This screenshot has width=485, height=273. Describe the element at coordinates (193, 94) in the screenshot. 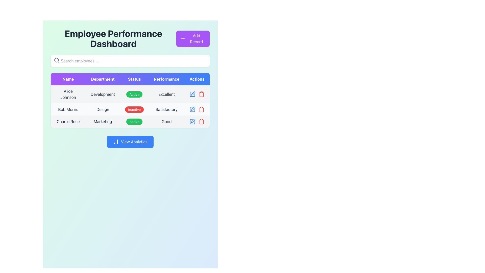

I see `the pen icon button in the 'Actions' column corresponding to 'Bob Morris' to initiate the edit action for the row` at that location.